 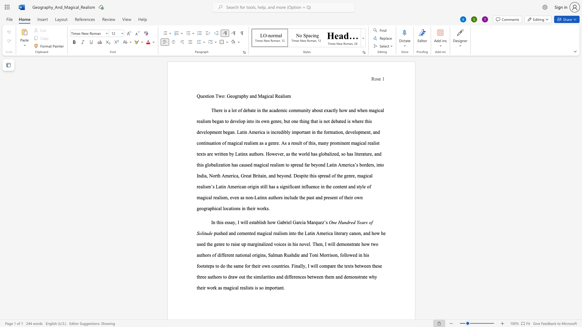 What do you see at coordinates (263, 96) in the screenshot?
I see `the 3th character "a" in the text` at bounding box center [263, 96].